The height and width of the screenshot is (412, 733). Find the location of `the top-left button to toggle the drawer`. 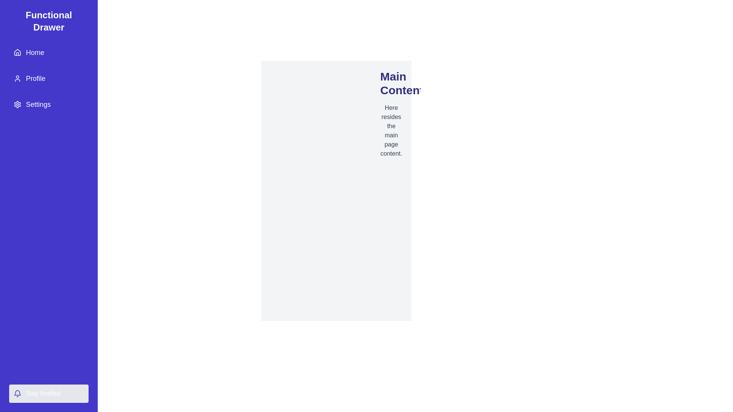

the top-left button to toggle the drawer is located at coordinates (15, 15).